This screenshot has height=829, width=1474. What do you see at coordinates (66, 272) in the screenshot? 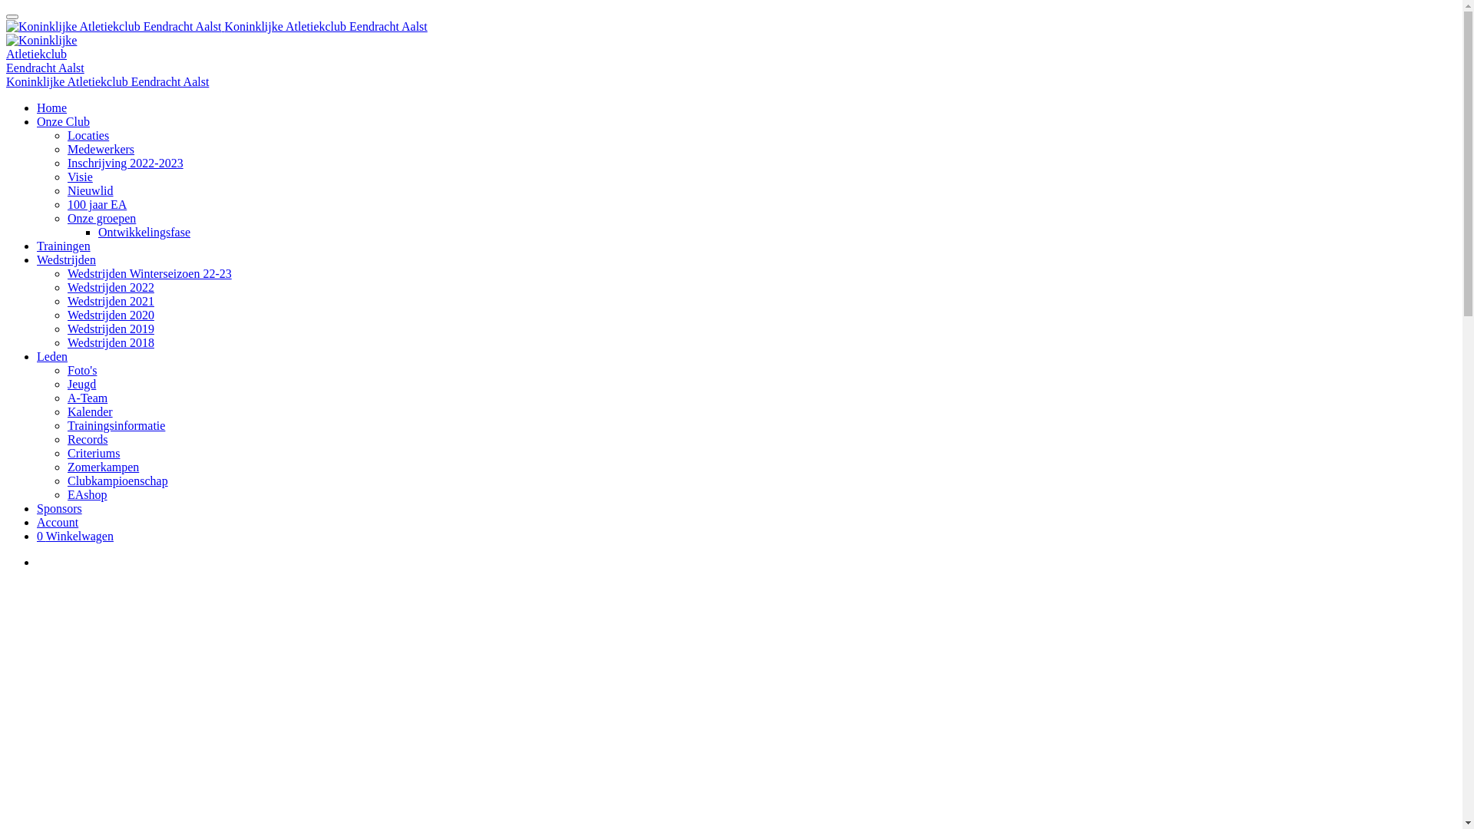
I see `'Wedstrijden Winterseizoen 22-23'` at bounding box center [66, 272].